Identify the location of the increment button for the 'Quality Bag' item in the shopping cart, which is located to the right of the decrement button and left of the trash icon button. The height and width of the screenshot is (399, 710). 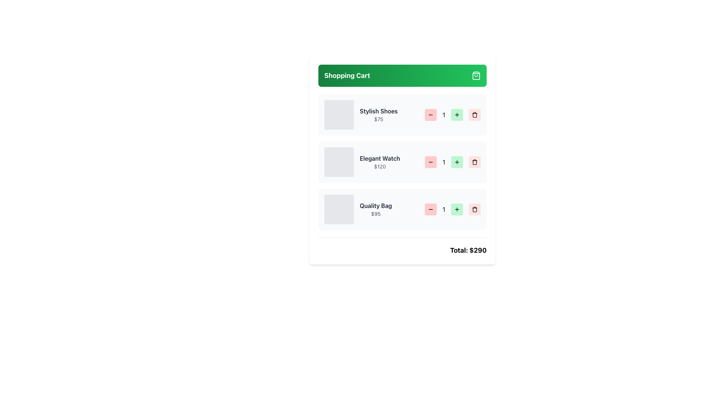
(457, 209).